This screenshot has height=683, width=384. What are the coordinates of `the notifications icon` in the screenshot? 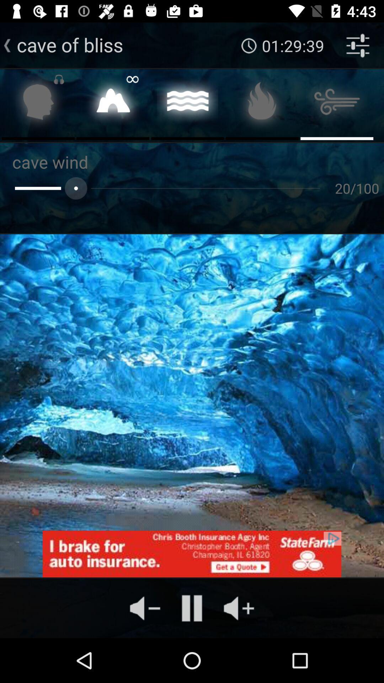 It's located at (112, 104).